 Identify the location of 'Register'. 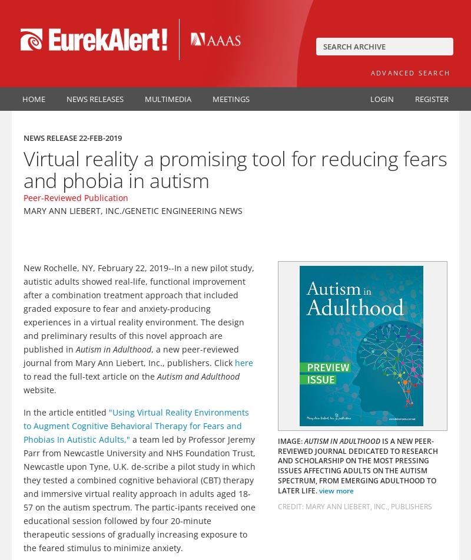
(431, 98).